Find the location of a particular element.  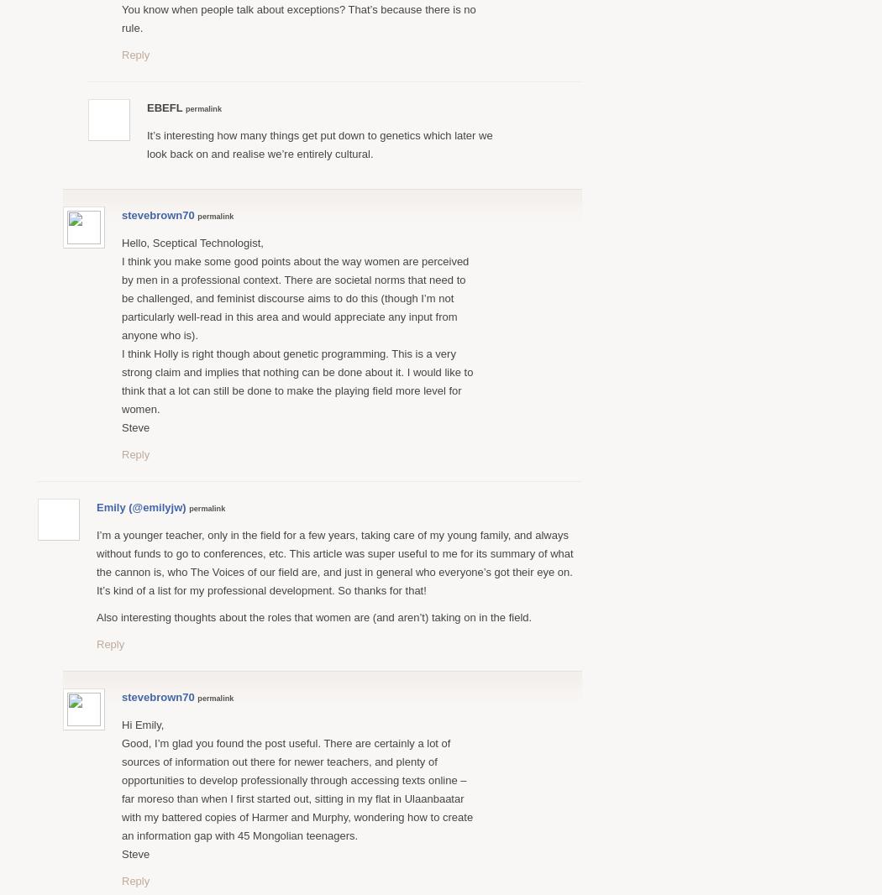

'Hi Emily,' is located at coordinates (142, 724).